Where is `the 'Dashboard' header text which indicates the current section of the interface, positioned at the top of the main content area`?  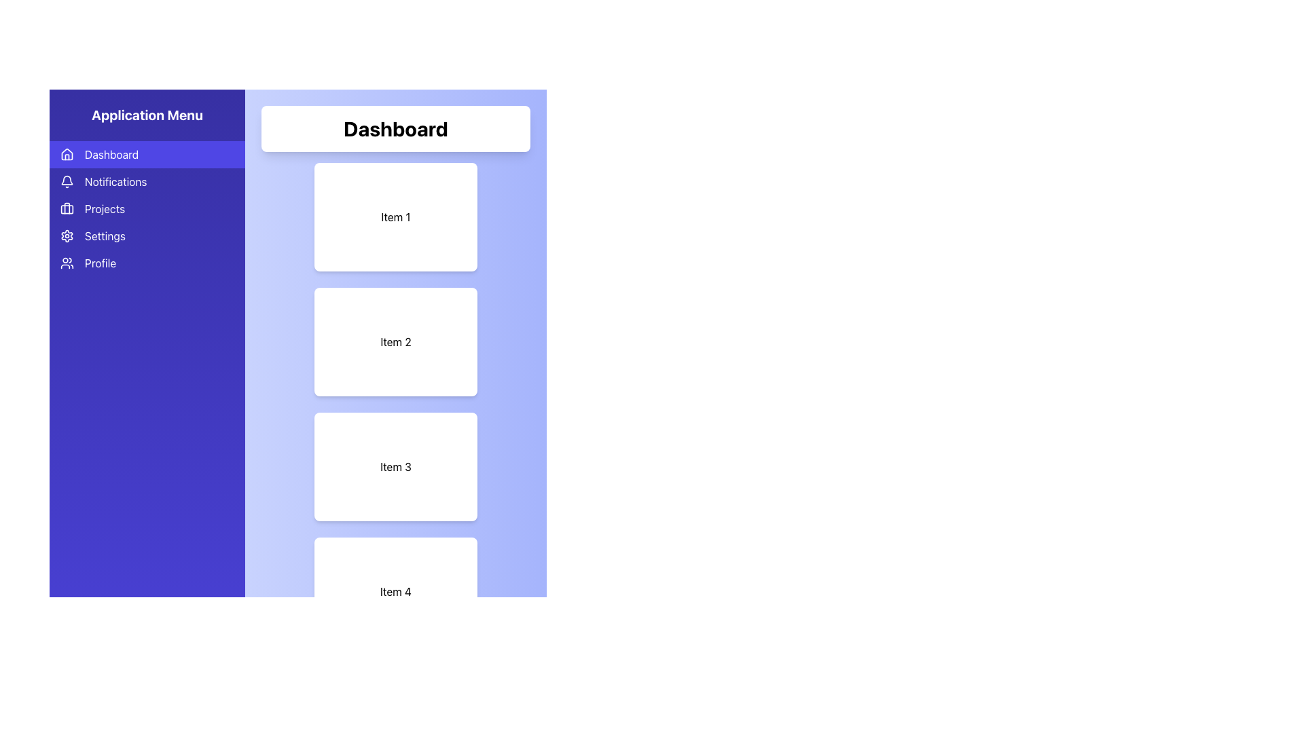
the 'Dashboard' header text which indicates the current section of the interface, positioned at the top of the main content area is located at coordinates (395, 128).